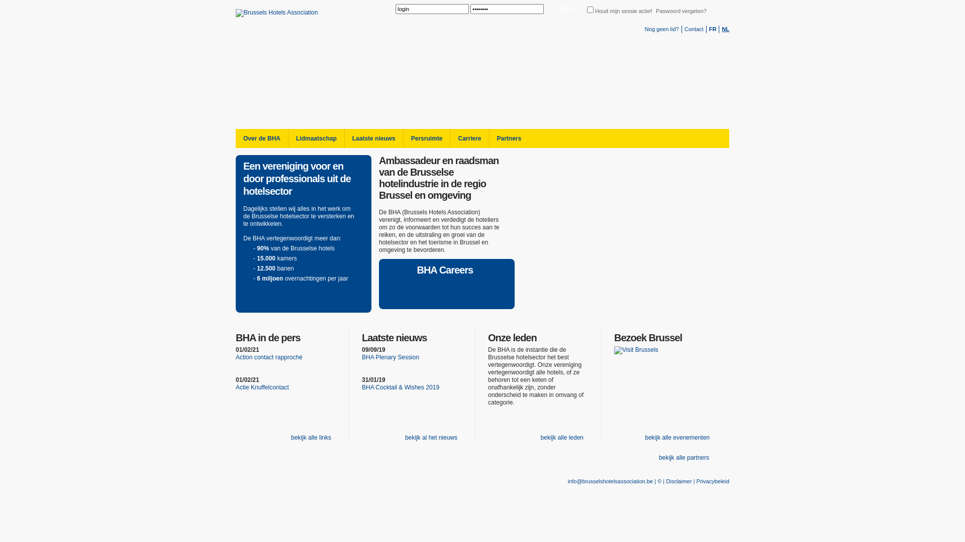 This screenshot has width=965, height=542. Describe the element at coordinates (565, 9) in the screenshot. I see `'Login'` at that location.